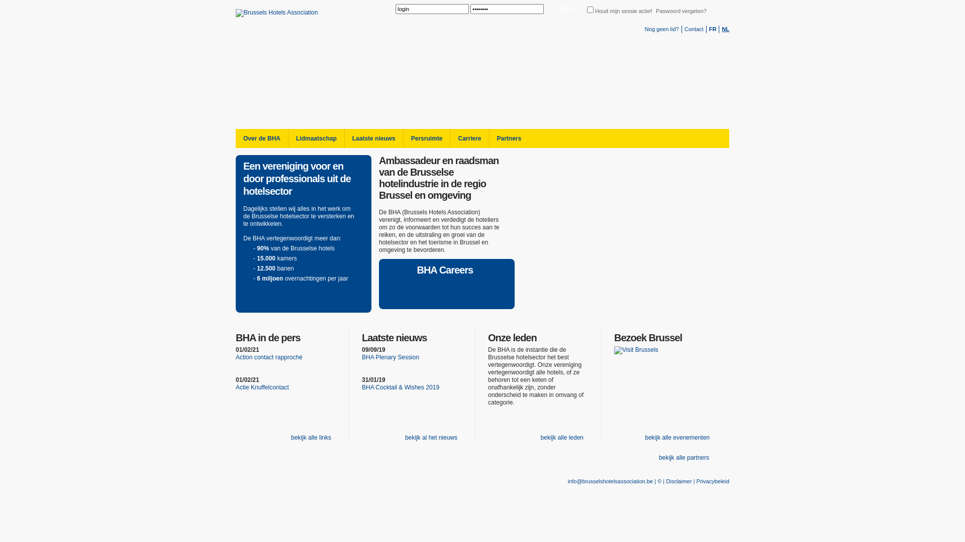 This screenshot has width=965, height=542. Describe the element at coordinates (565, 9) in the screenshot. I see `'Login'` at that location.